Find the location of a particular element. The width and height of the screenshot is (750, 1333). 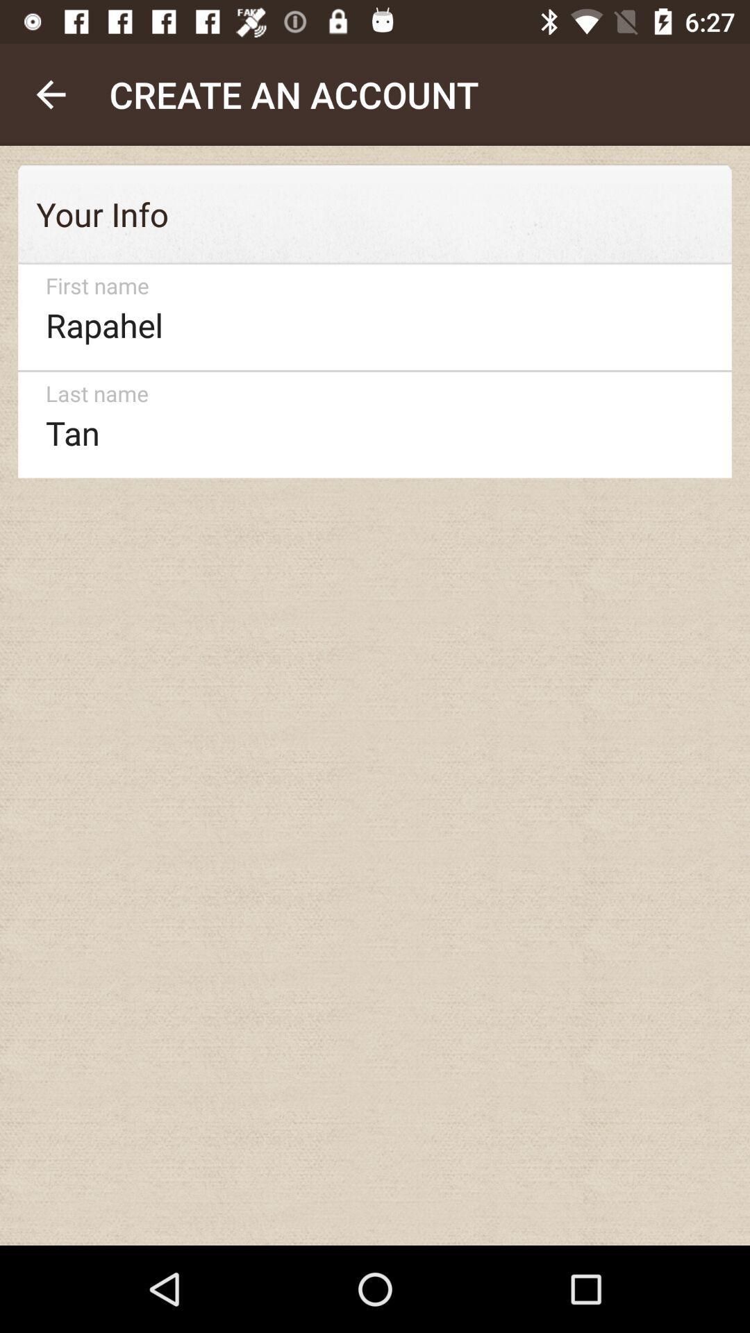

the icon to the left of create an account icon is located at coordinates (50, 94).